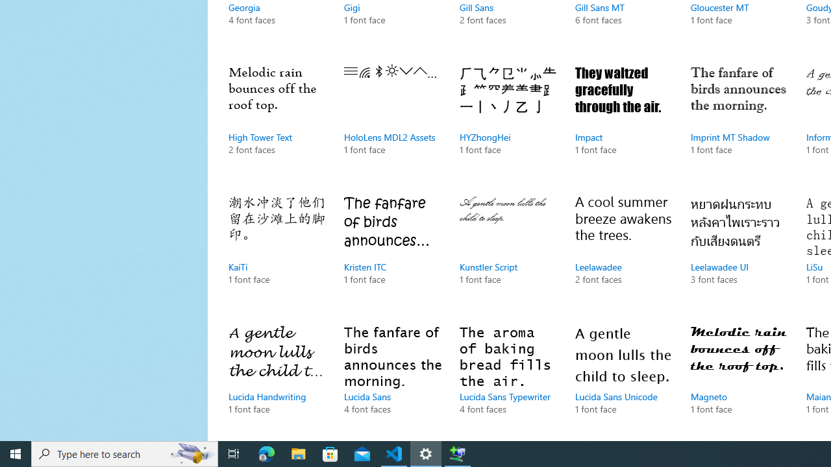 The height and width of the screenshot is (467, 831). What do you see at coordinates (298, 453) in the screenshot?
I see `'File Explorer'` at bounding box center [298, 453].